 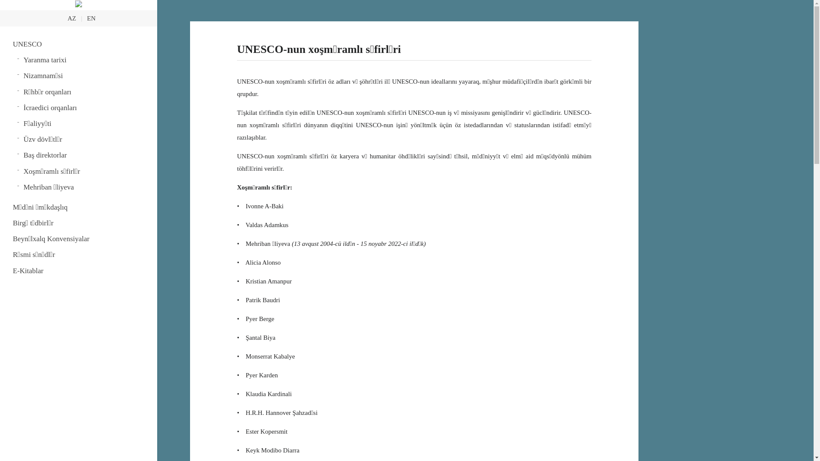 What do you see at coordinates (91, 18) in the screenshot?
I see `'EN'` at bounding box center [91, 18].